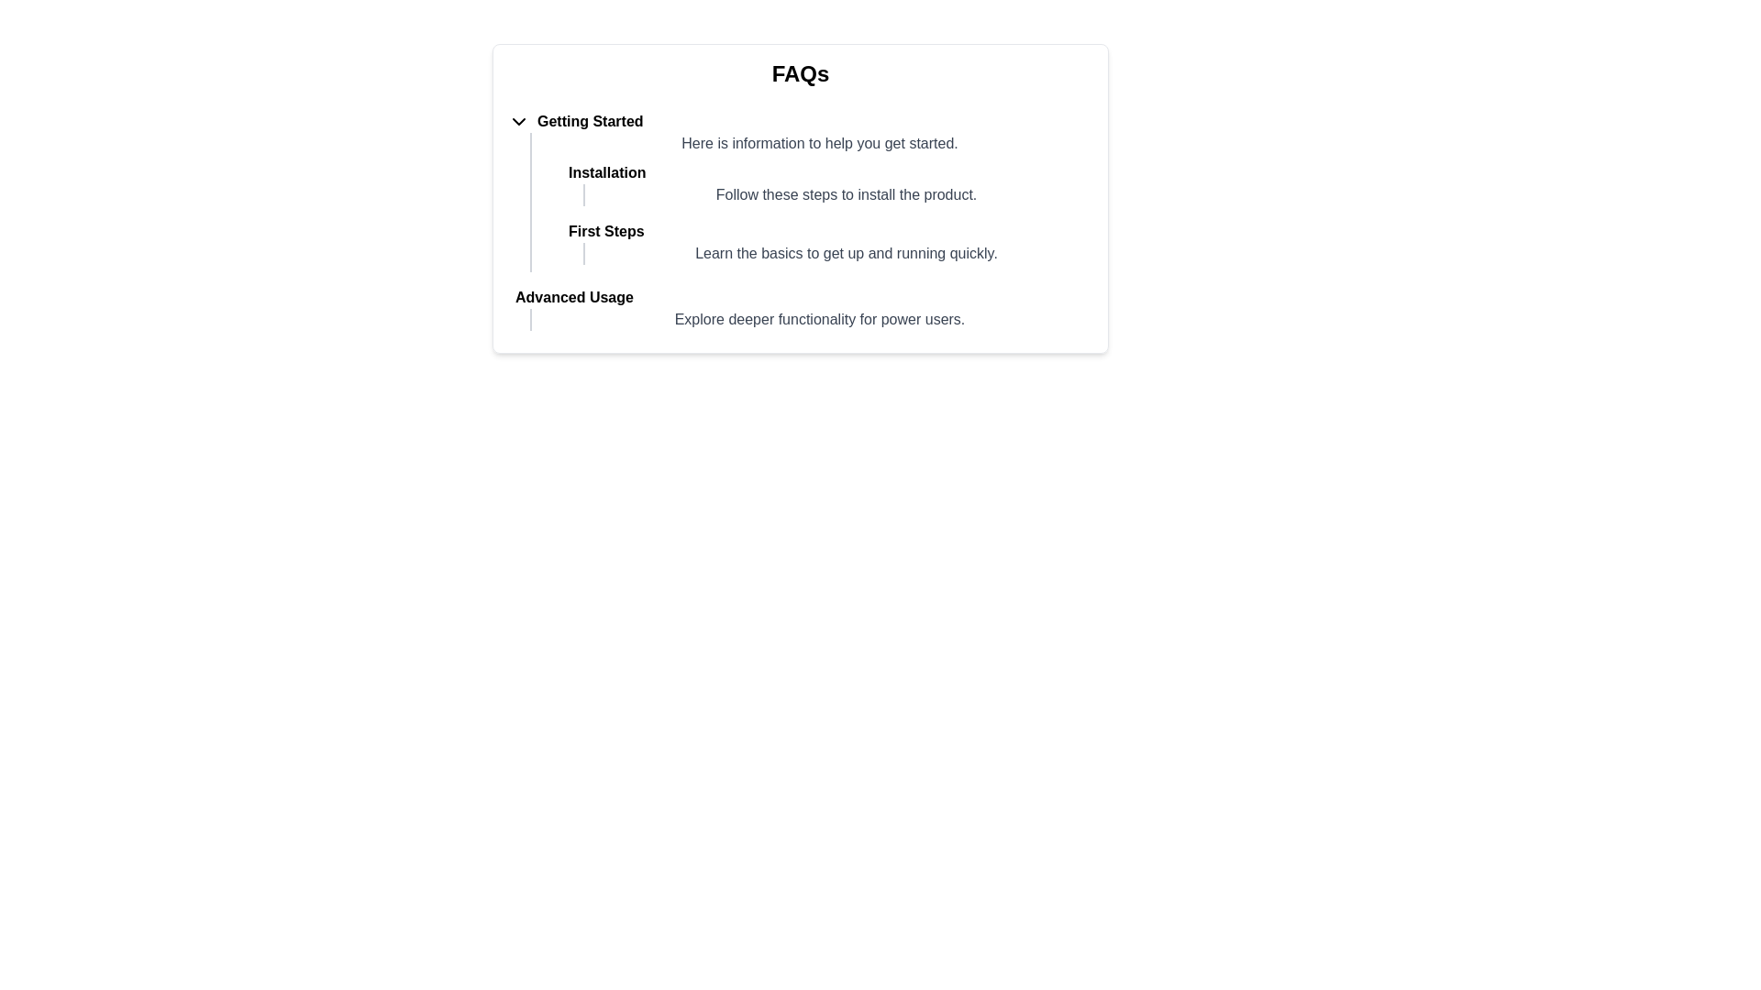 The width and height of the screenshot is (1761, 990). What do you see at coordinates (801, 296) in the screenshot?
I see `the text label element located in the FAQs section` at bounding box center [801, 296].